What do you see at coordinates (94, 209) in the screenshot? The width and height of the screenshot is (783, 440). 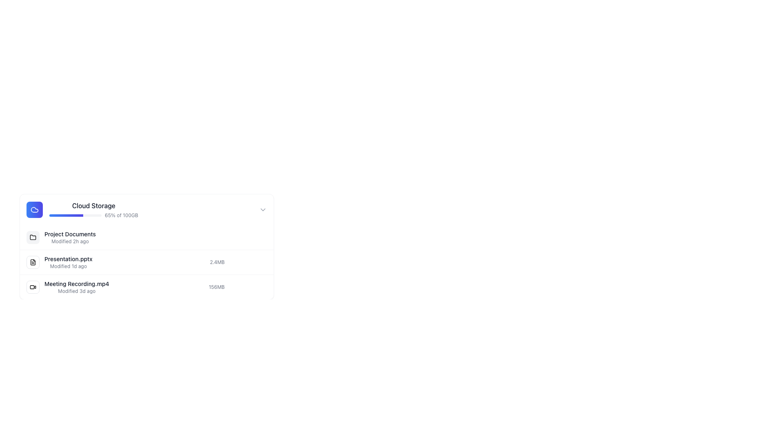 I see `the Progress Bar labeled 'Cloud Storage' which shows '65% of 100GB' usage and is located in the first row of the list-like structure` at bounding box center [94, 209].